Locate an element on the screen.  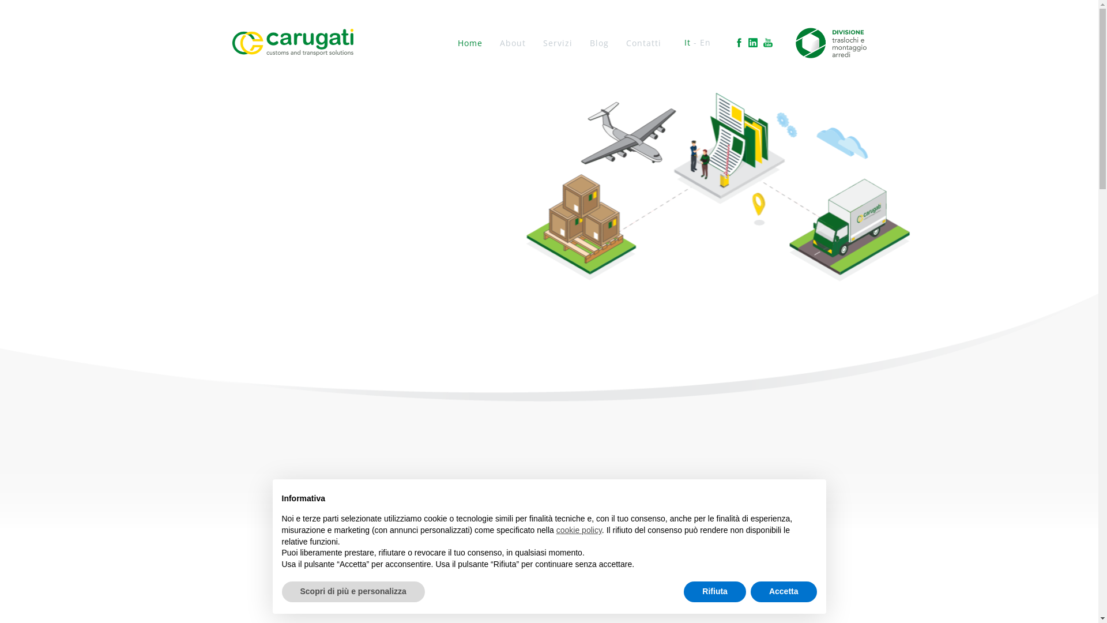
'Home' is located at coordinates (470, 42).